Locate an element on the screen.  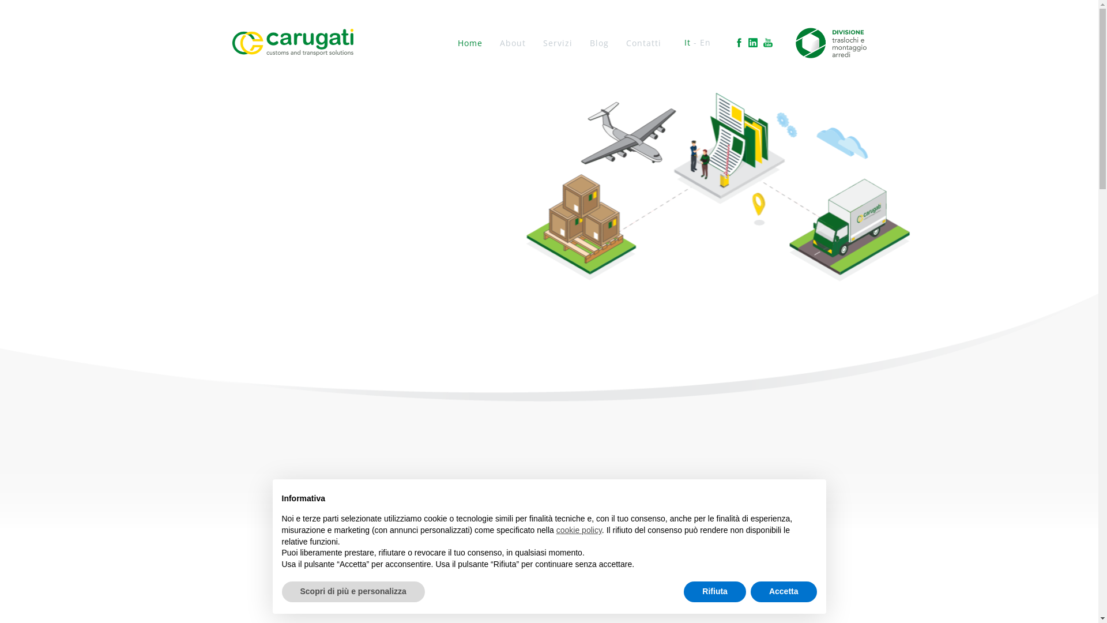
'Home' is located at coordinates (470, 42).